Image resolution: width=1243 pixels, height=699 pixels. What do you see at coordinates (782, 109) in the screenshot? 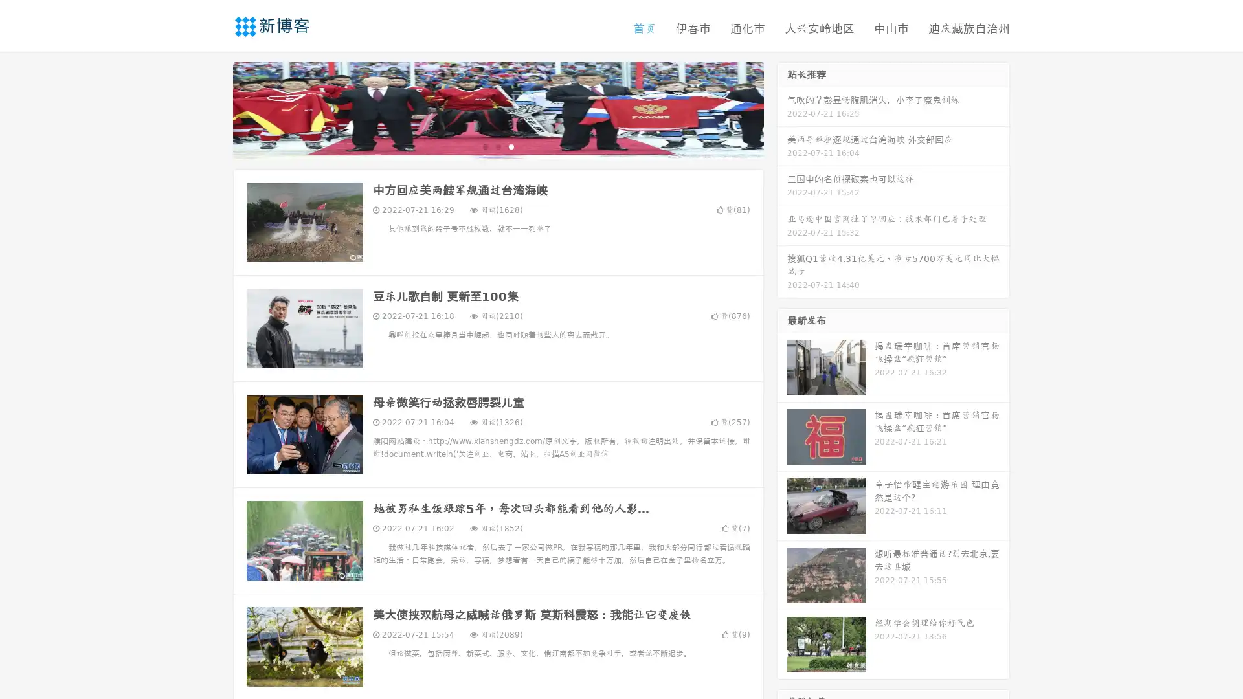
I see `Next slide` at bounding box center [782, 109].